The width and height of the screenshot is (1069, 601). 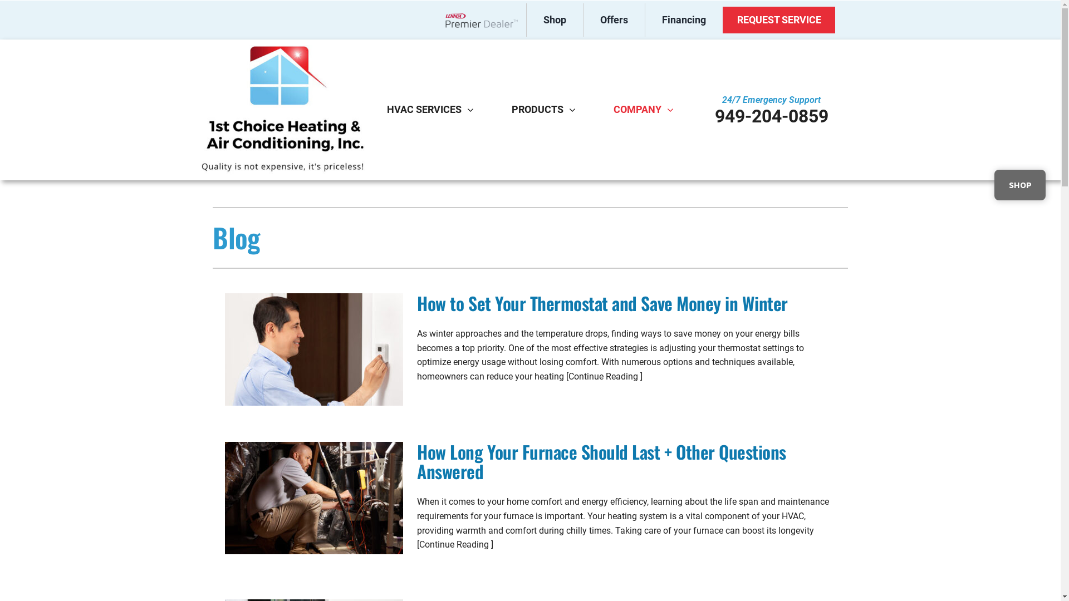 I want to click on 'HVAC SERVICES', so click(x=424, y=109).